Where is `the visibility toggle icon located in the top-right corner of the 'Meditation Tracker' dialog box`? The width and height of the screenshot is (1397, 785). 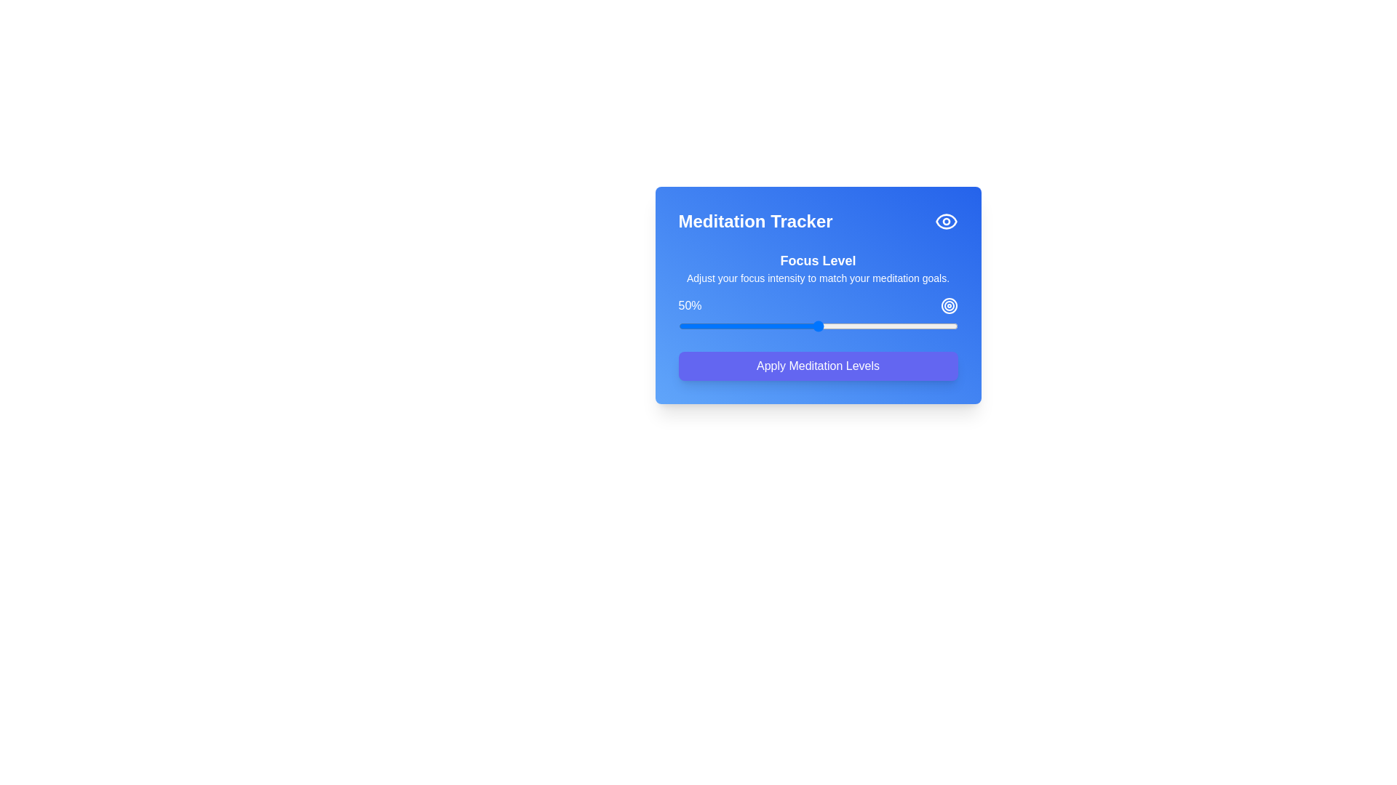 the visibility toggle icon located in the top-right corner of the 'Meditation Tracker' dialog box is located at coordinates (946, 221).